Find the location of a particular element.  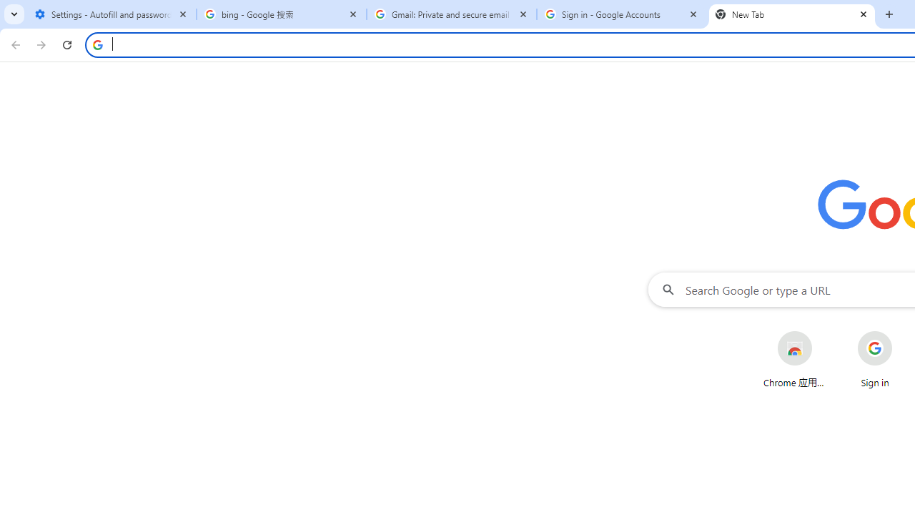

'New Tab' is located at coordinates (791, 14).